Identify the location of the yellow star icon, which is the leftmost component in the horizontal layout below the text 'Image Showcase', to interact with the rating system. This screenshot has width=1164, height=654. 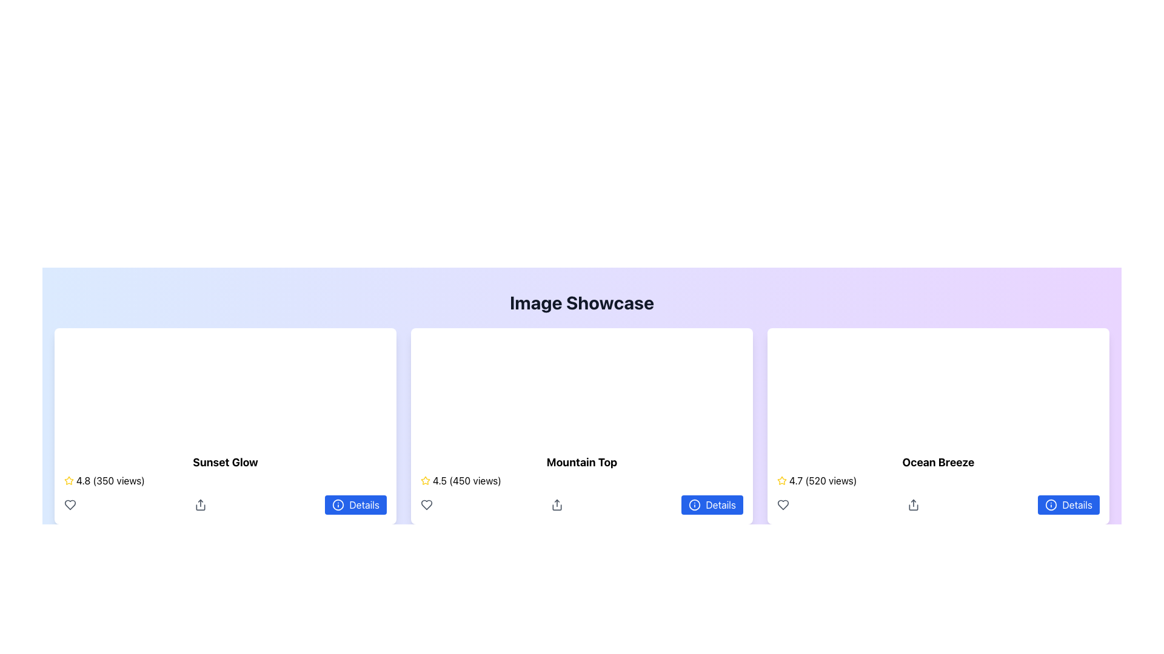
(69, 480).